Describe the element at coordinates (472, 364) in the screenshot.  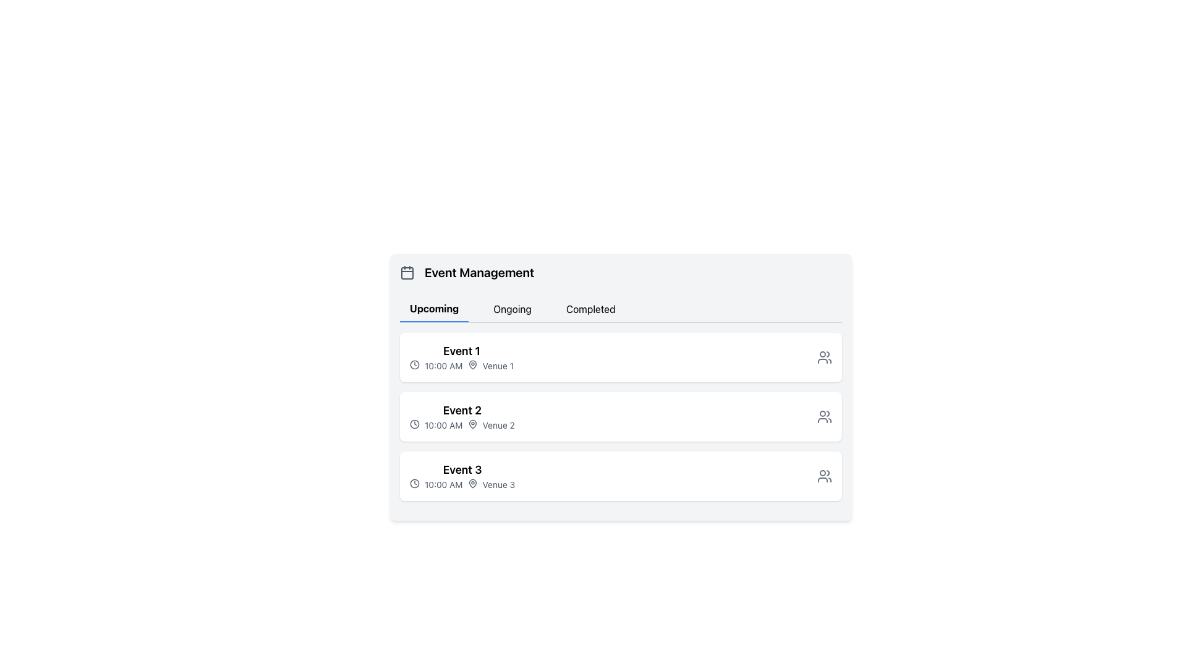
I see `the location pin icon located to the left of the label 'Venue 1' within the text group '10:00 AM Venue 1'` at that location.